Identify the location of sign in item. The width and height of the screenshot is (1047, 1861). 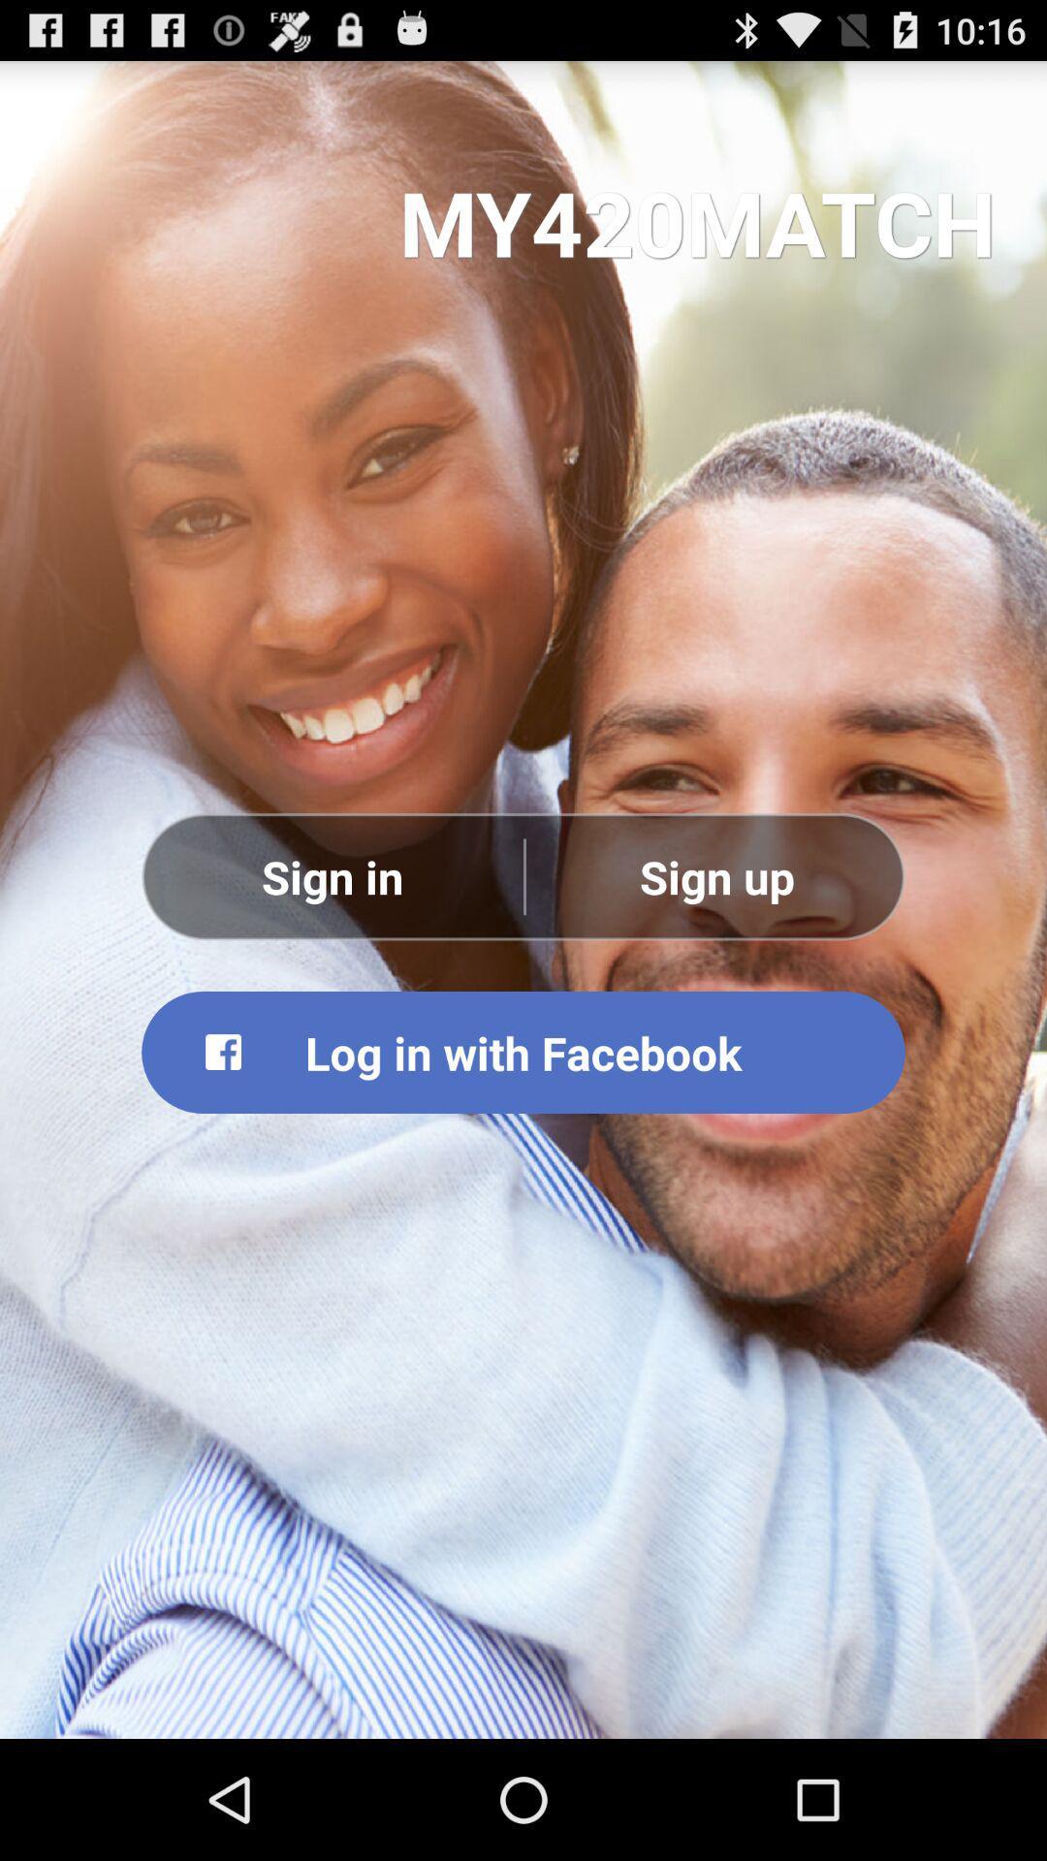
(332, 875).